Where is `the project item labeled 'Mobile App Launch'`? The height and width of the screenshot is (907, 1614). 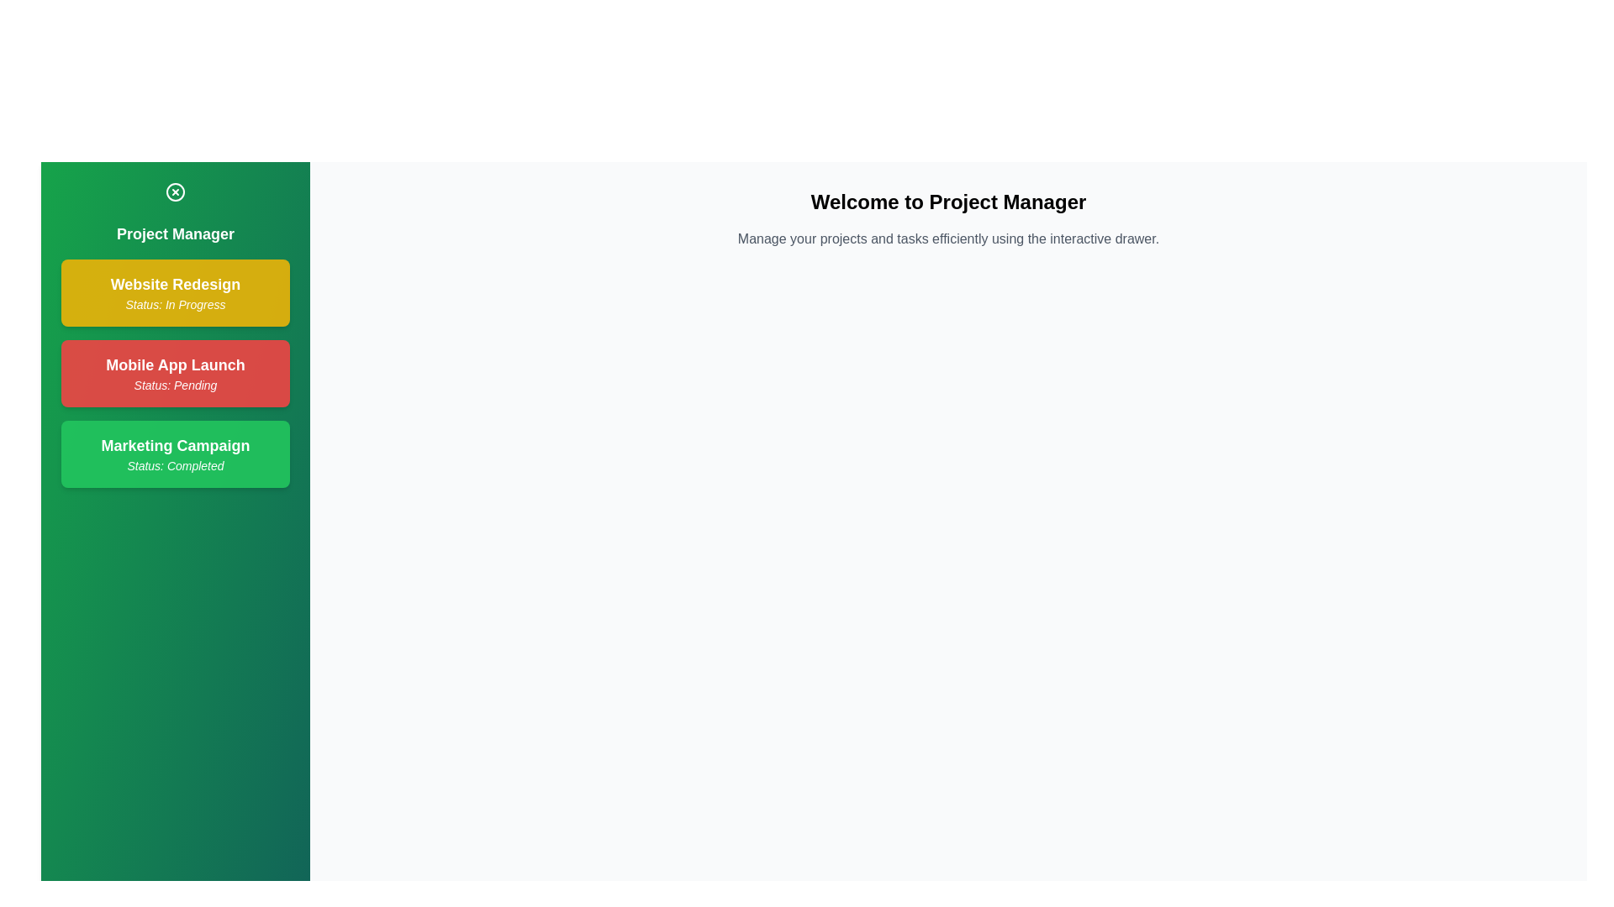
the project item labeled 'Mobile App Launch' is located at coordinates (176, 372).